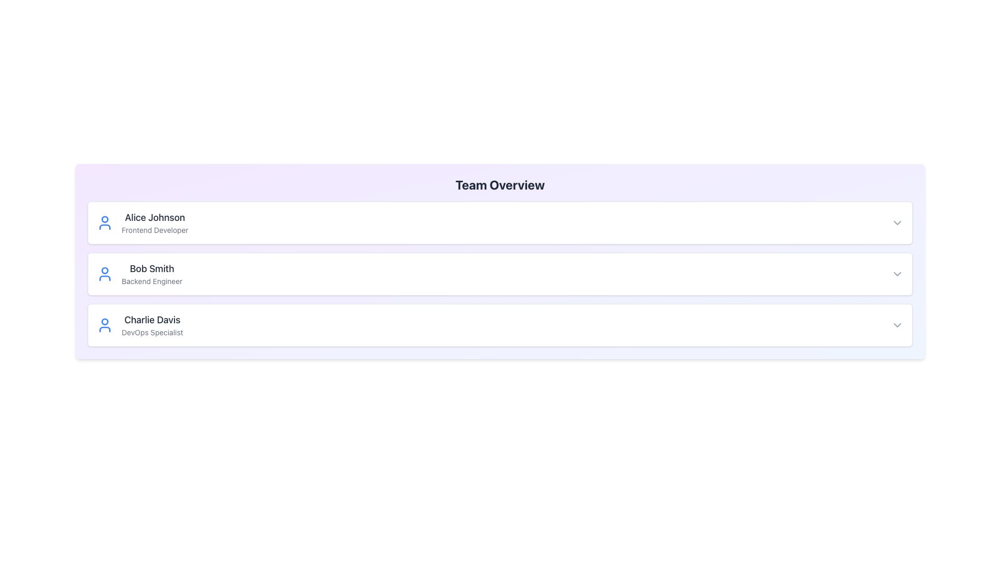 Image resolution: width=1003 pixels, height=564 pixels. Describe the element at coordinates (151, 268) in the screenshot. I see `name displayed in the text label 'Bob Smith', which is styled with a larger font size and bold text, located within a card component as the primary title above the subtitle 'Backend Engineer'` at that location.